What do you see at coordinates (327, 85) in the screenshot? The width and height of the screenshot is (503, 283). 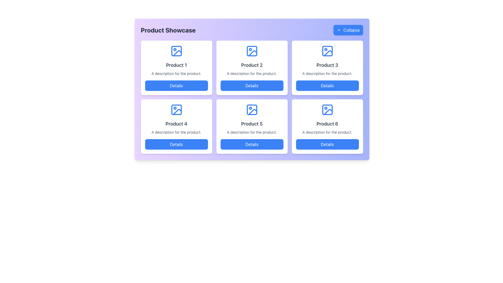 I see `the button located below the text description of 'Product 3' in the grid layout` at bounding box center [327, 85].